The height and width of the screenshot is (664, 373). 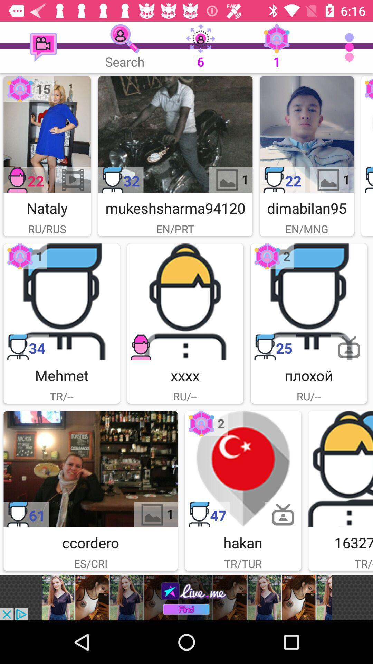 I want to click on click on a user, so click(x=366, y=134).